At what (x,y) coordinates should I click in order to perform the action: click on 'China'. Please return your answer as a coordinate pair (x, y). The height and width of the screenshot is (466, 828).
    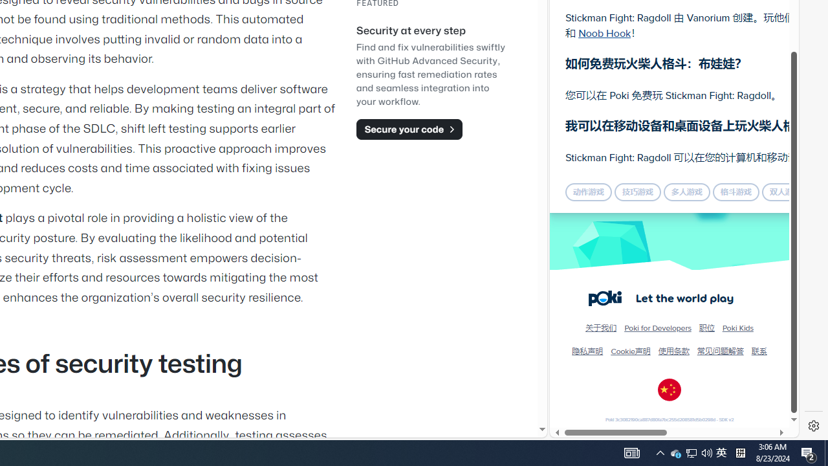
    Looking at the image, I should click on (670, 389).